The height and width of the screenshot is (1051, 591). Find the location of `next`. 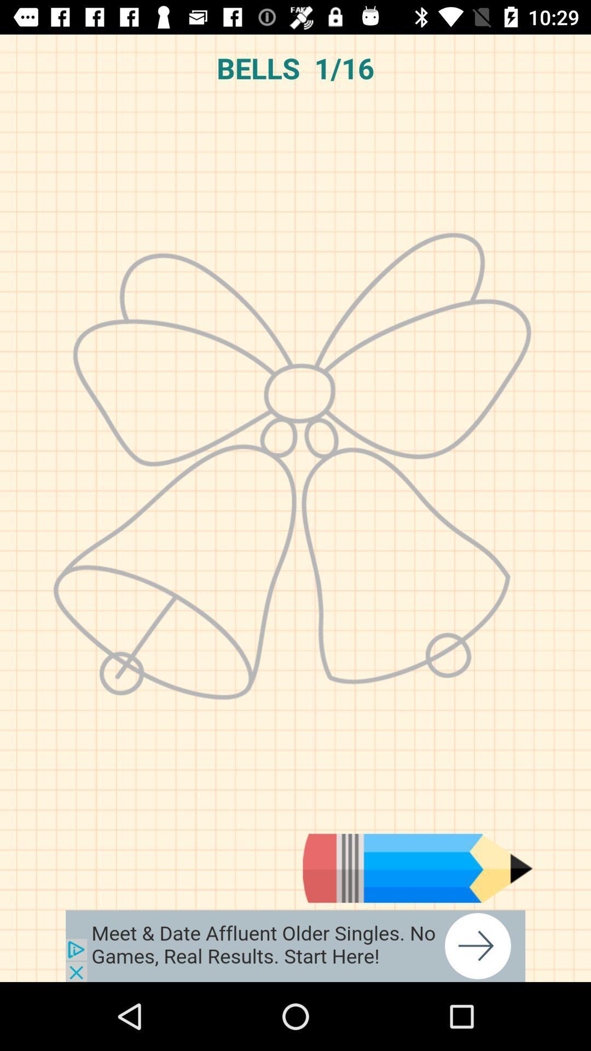

next is located at coordinates (418, 868).